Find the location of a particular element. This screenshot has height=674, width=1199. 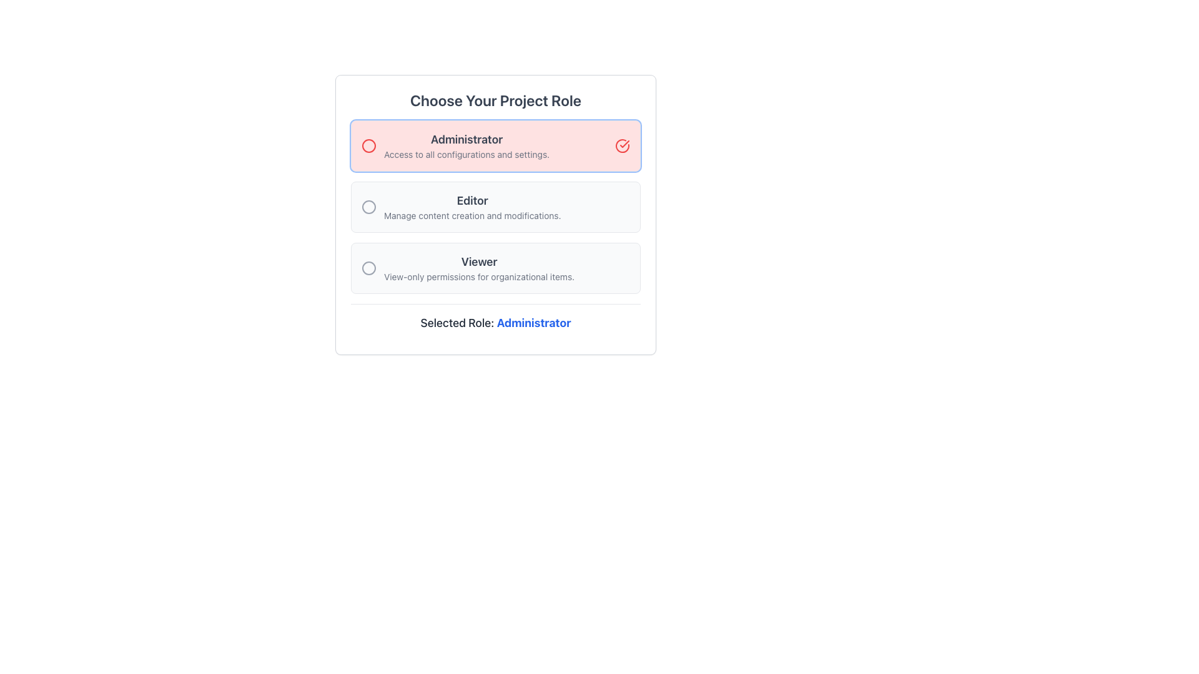

the text label displaying 'View-only permissions for organizational items.' located beneath the 'Viewer' title in the role selection panel is located at coordinates (478, 276).